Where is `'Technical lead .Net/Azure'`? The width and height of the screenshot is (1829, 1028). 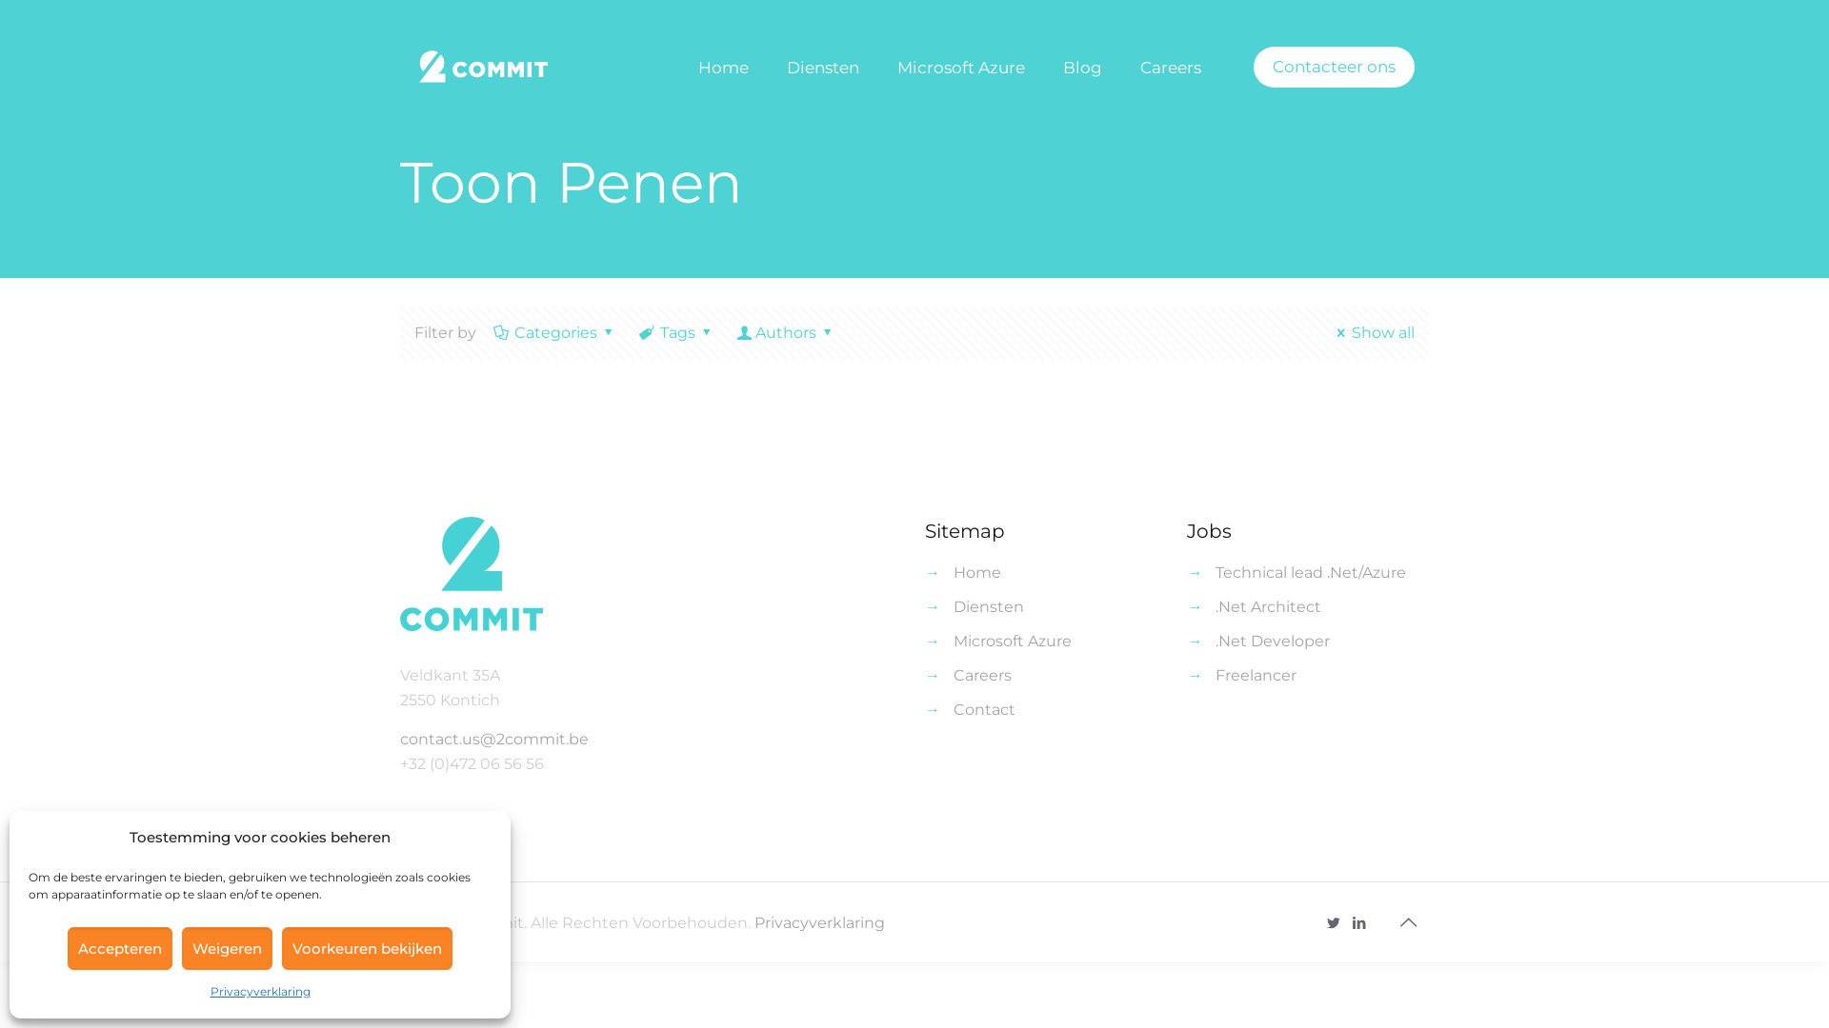
'Technical lead .Net/Azure' is located at coordinates (1310, 571).